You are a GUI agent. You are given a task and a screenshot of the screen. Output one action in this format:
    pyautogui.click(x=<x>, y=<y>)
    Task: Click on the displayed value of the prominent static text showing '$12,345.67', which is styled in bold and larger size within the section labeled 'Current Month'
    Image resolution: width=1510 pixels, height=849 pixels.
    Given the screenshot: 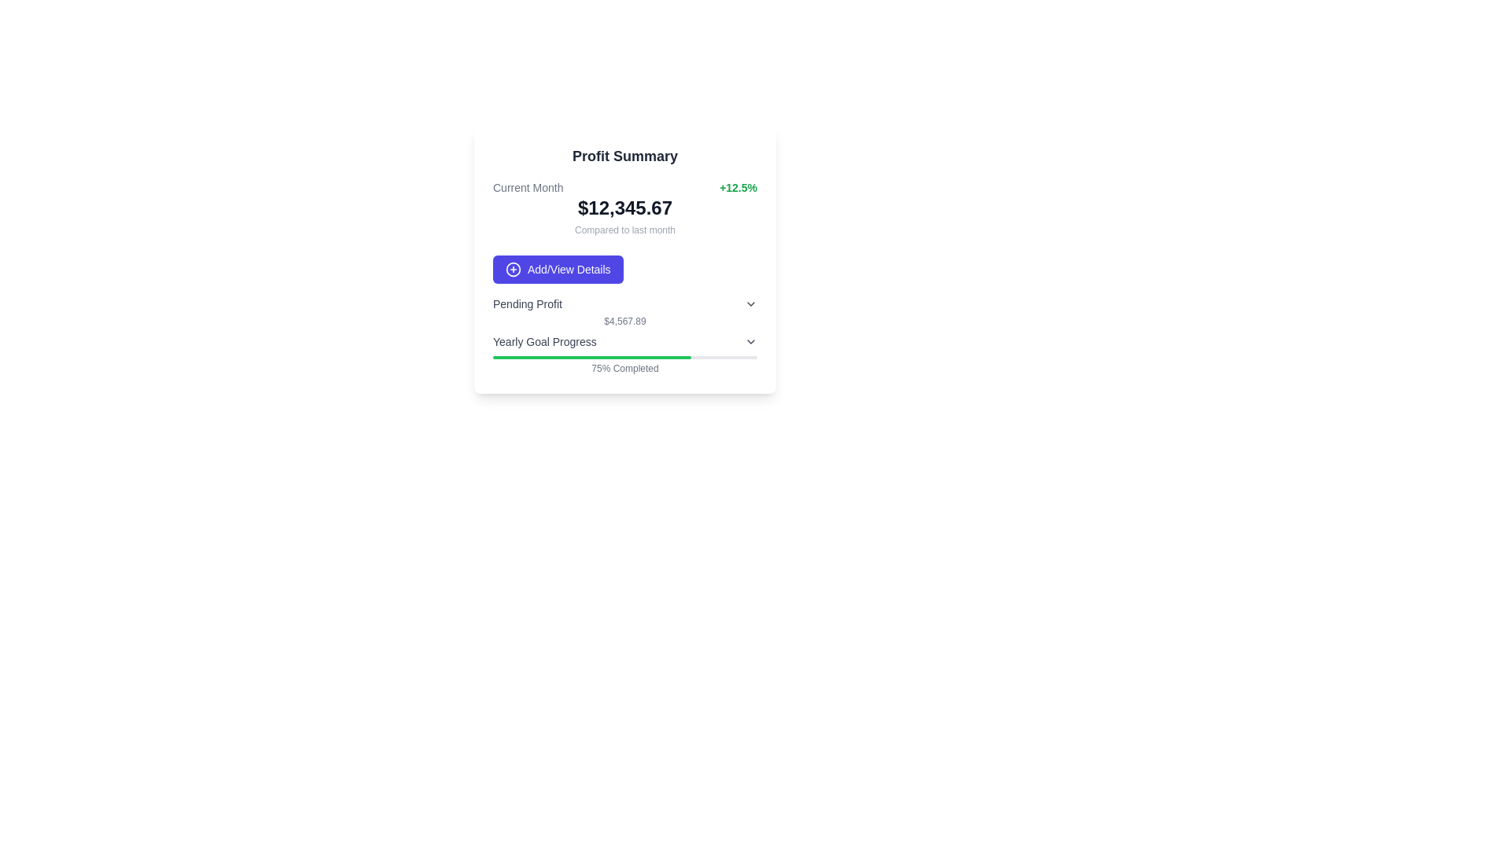 What is the action you would take?
    pyautogui.click(x=624, y=208)
    